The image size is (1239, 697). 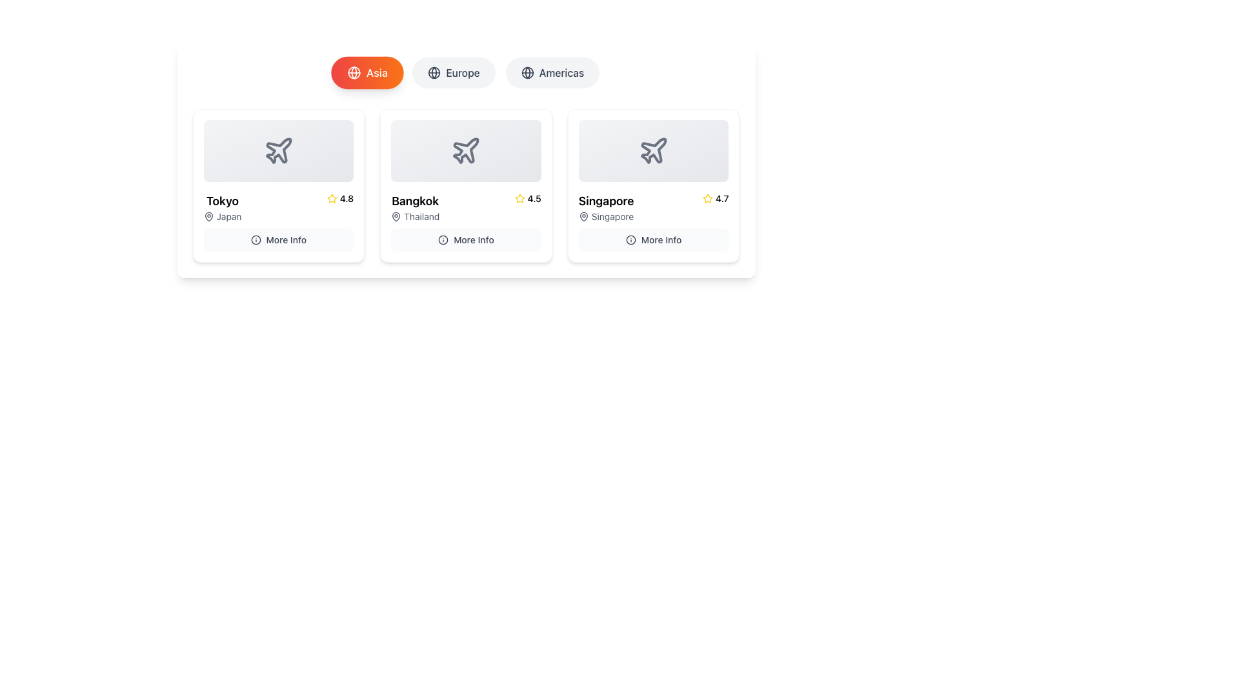 I want to click on the static text component displaying 'Bangkok' and 'Thailand', located in the center panel of the webpage's card layout, so click(x=415, y=207).